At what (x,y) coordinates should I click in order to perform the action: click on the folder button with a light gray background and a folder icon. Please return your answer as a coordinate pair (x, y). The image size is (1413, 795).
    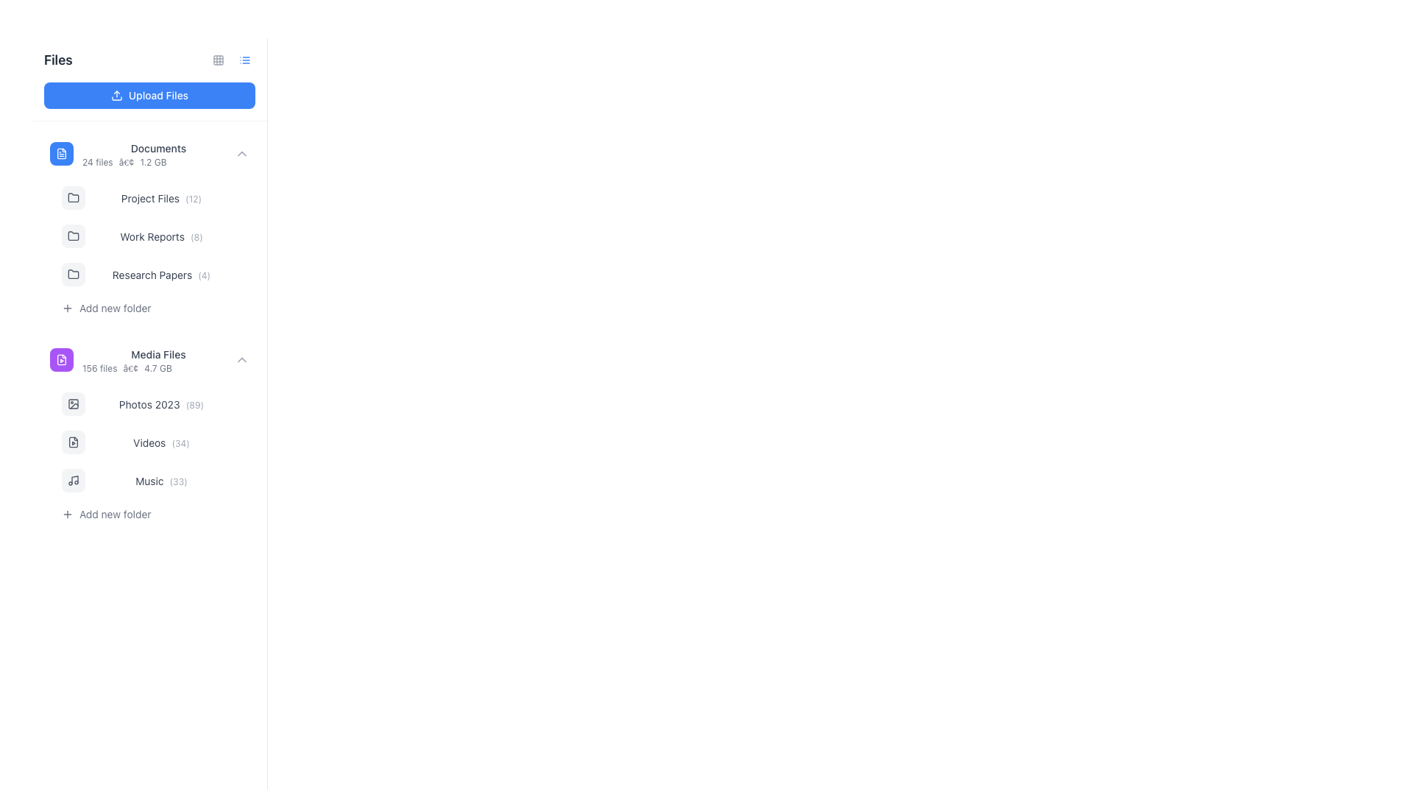
    Looking at the image, I should click on (73, 197).